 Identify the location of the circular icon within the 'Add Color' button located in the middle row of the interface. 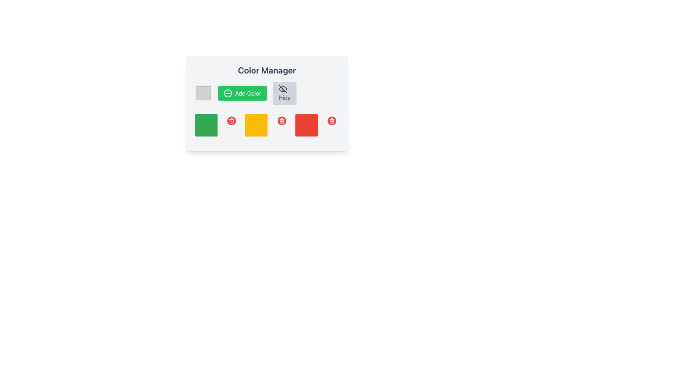
(227, 93).